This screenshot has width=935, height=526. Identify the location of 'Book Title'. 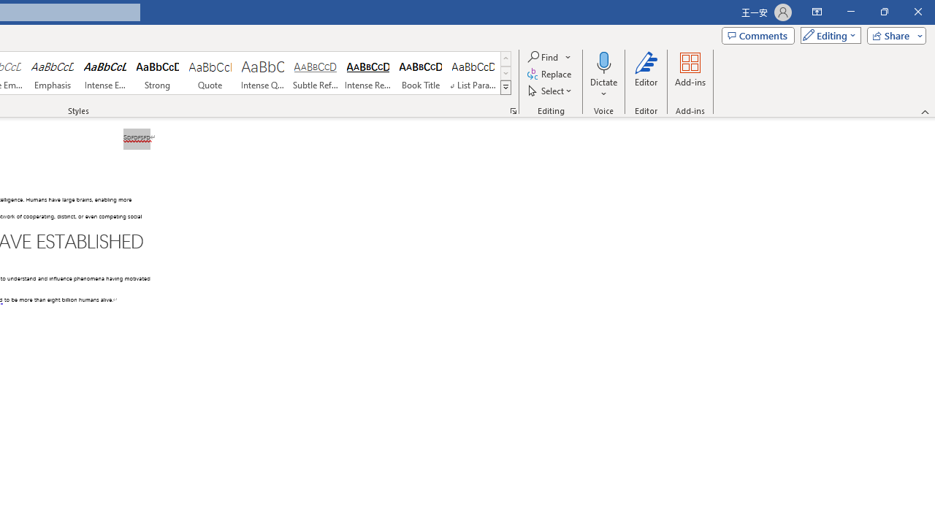
(420, 73).